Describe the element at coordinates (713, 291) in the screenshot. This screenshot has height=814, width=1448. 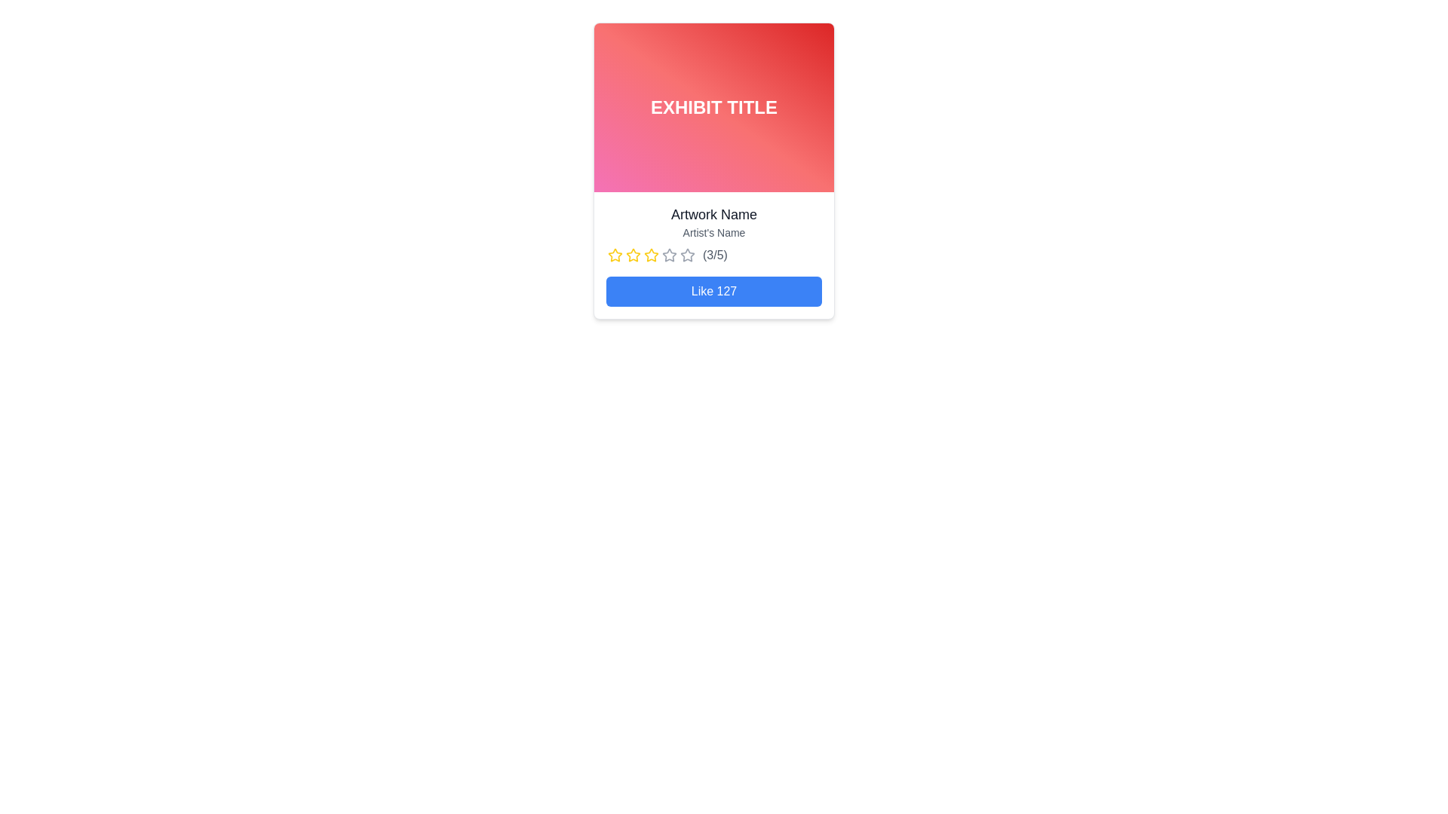
I see `the 'Like 127' button, which is a rectangular button with a blue background and rounded corners located at the bottom of the card layout` at that location.